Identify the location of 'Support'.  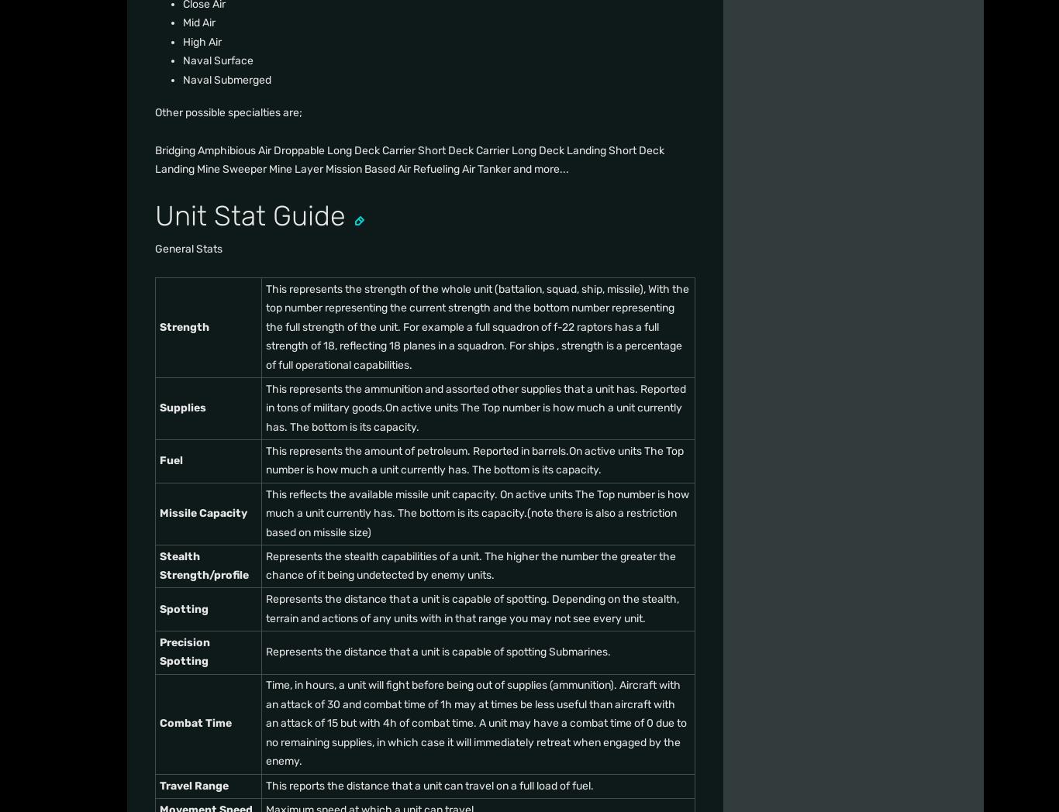
(563, 219).